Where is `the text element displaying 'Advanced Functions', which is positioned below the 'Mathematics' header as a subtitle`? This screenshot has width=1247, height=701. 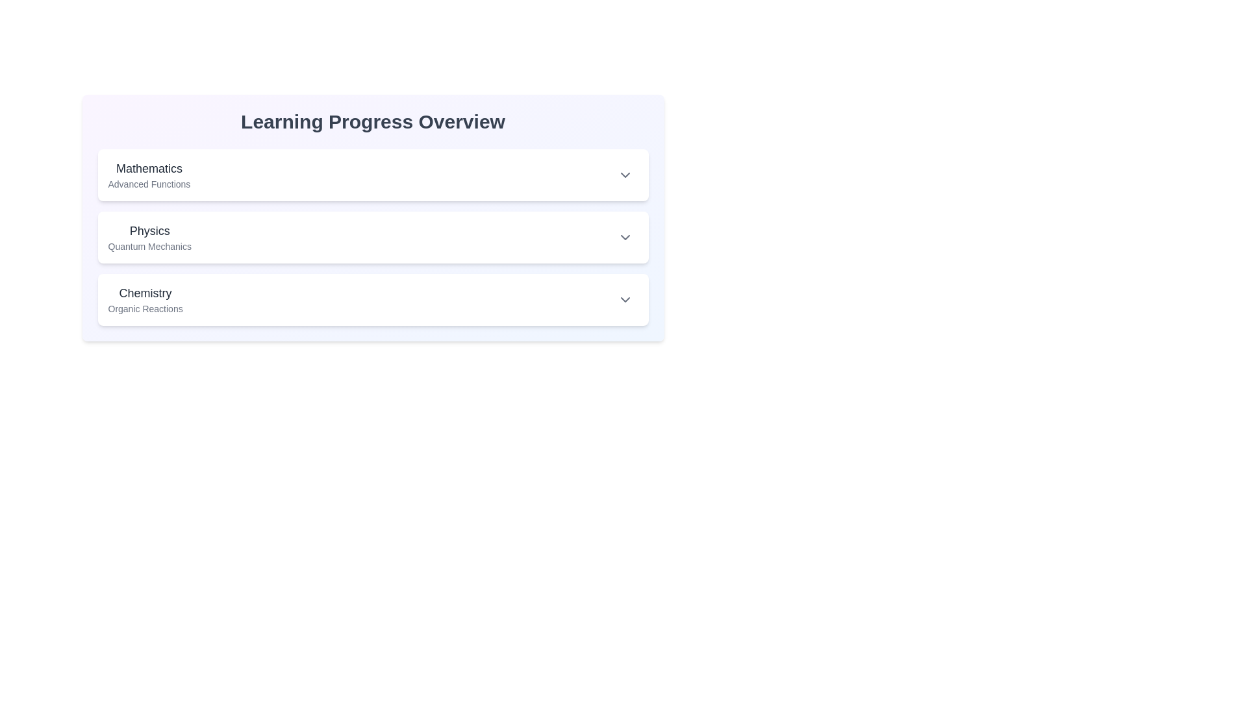
the text element displaying 'Advanced Functions', which is positioned below the 'Mathematics' header as a subtitle is located at coordinates (149, 184).